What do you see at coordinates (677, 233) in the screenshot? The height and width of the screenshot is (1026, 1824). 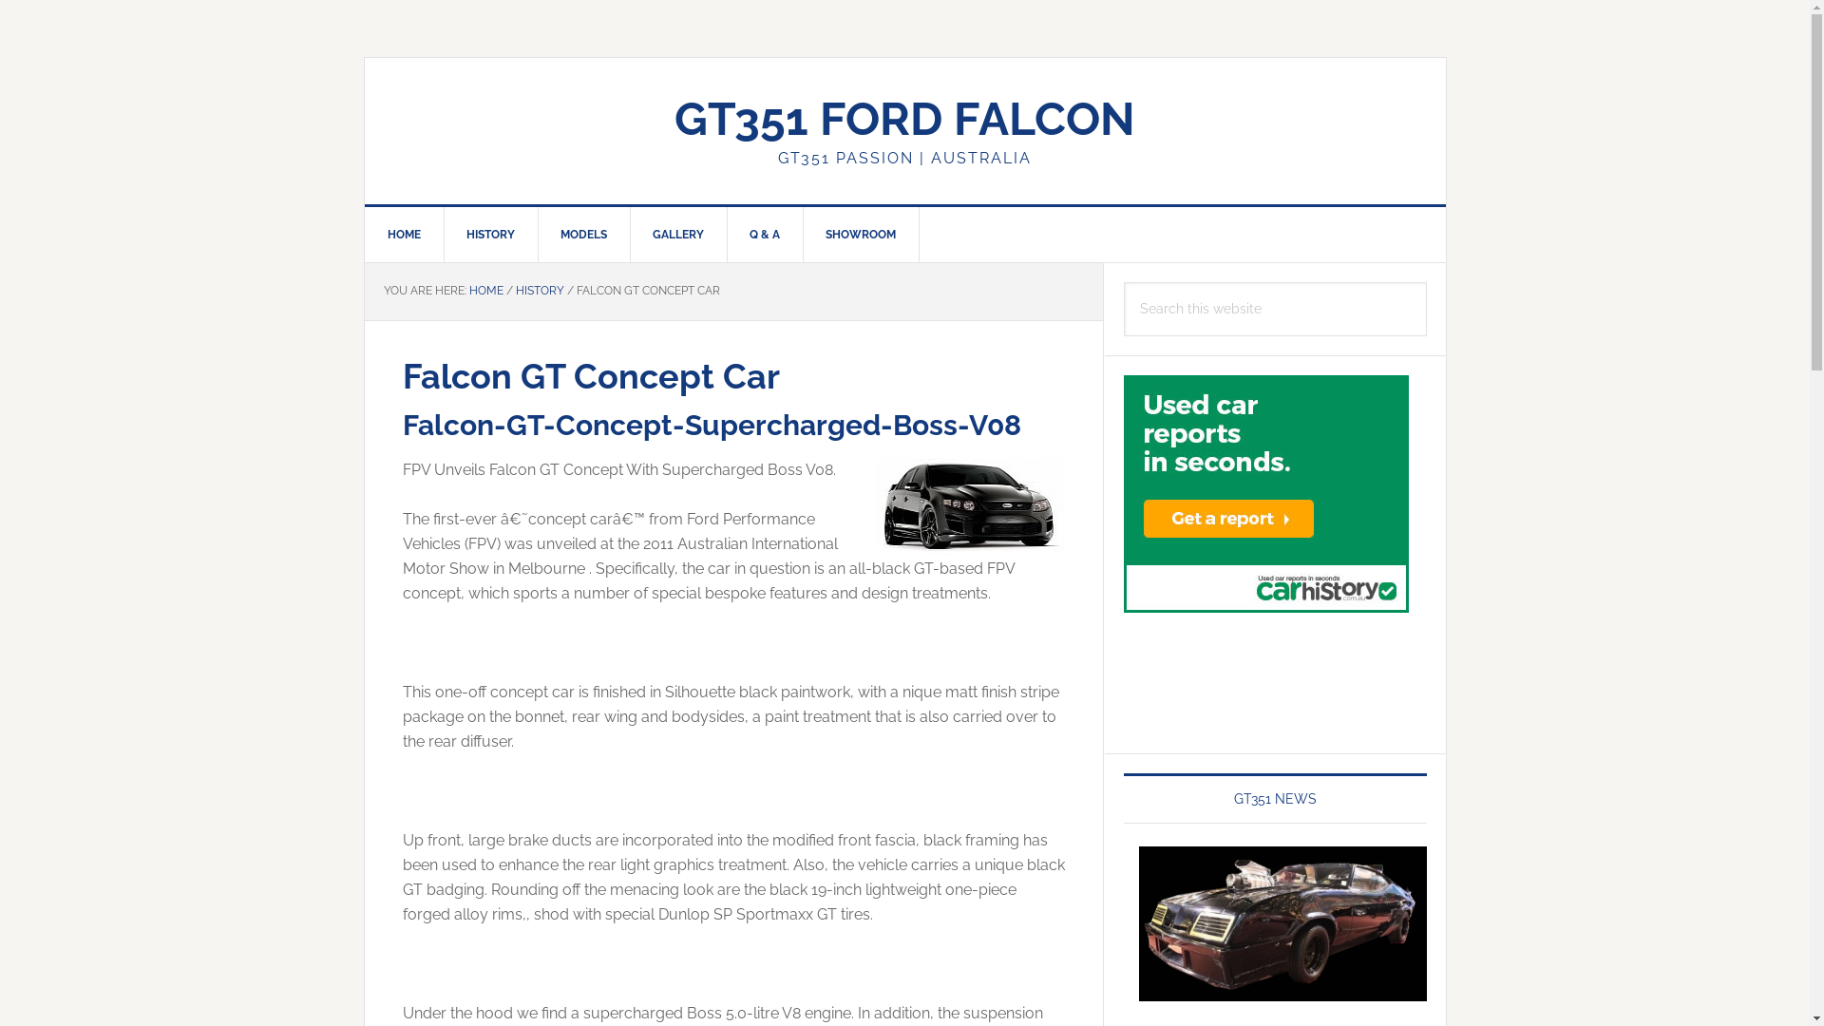 I see `'GALLERY'` at bounding box center [677, 233].